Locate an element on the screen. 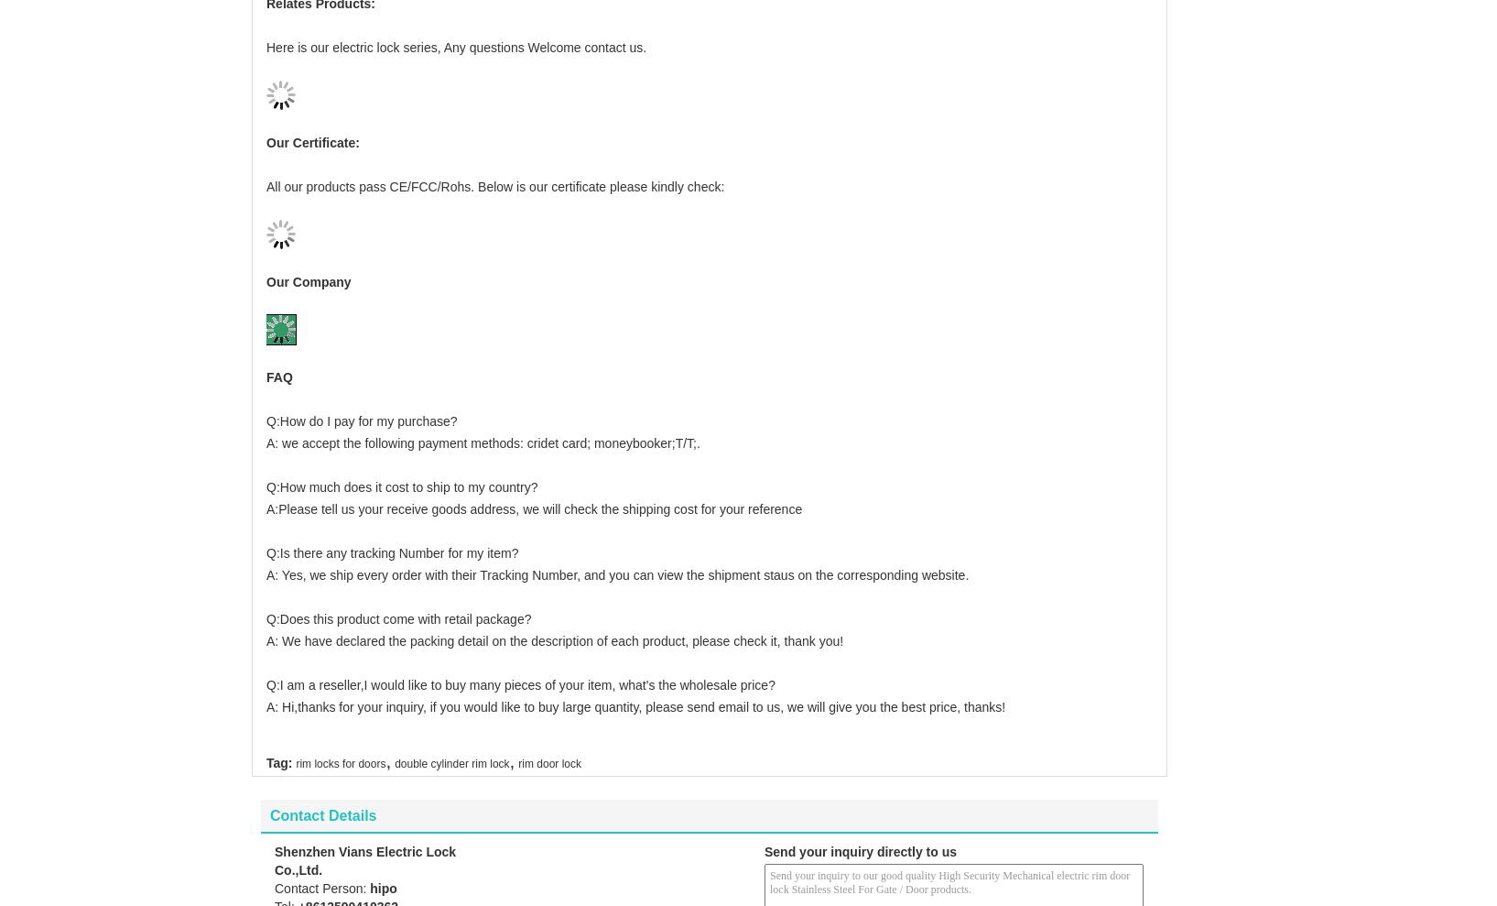 The height and width of the screenshot is (906, 1497). 'Contact Person:' is located at coordinates (321, 858).